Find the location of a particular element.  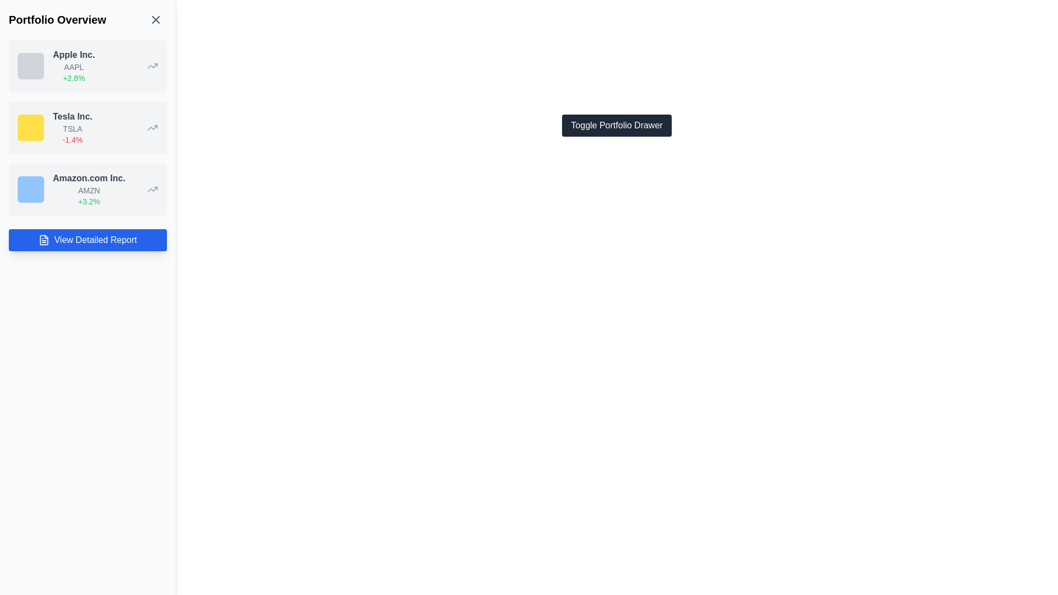

the first defined shape of the SVG graphic representing a stylized upward arrow or line chart, rendered in gray, which is part of the Tesla Inc. illustration is located at coordinates (152, 66).